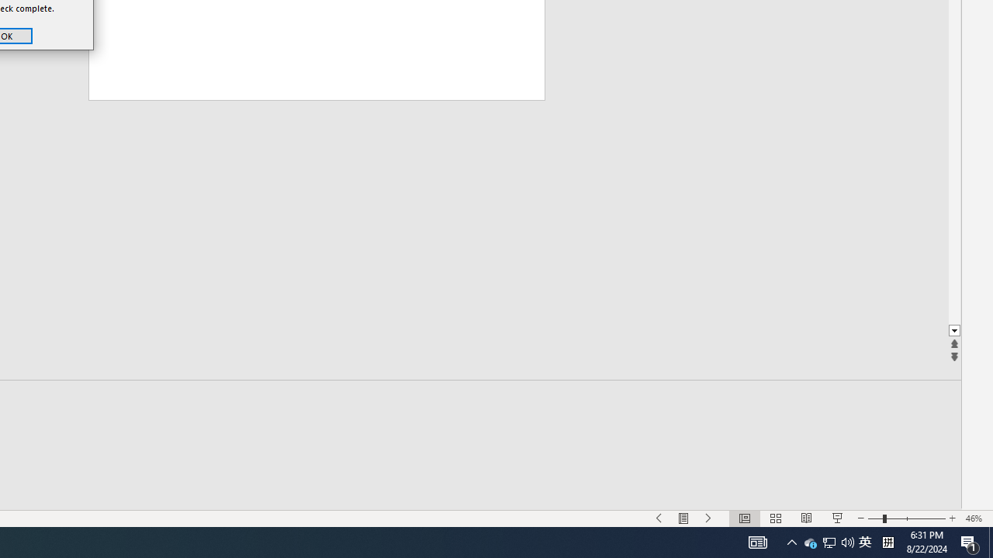 Image resolution: width=993 pixels, height=558 pixels. What do you see at coordinates (758, 541) in the screenshot?
I see `'Menu On'` at bounding box center [758, 541].